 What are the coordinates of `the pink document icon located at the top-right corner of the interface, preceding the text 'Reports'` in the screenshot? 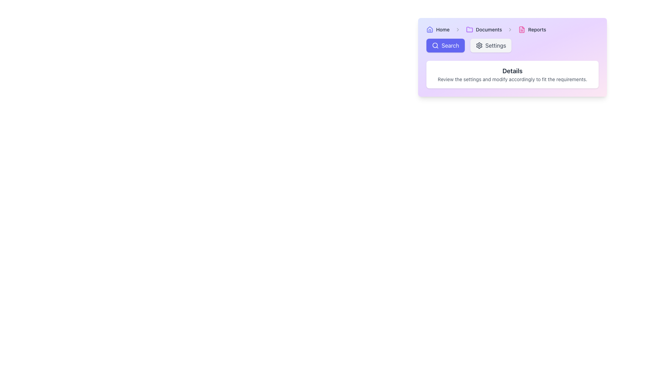 It's located at (522, 29).